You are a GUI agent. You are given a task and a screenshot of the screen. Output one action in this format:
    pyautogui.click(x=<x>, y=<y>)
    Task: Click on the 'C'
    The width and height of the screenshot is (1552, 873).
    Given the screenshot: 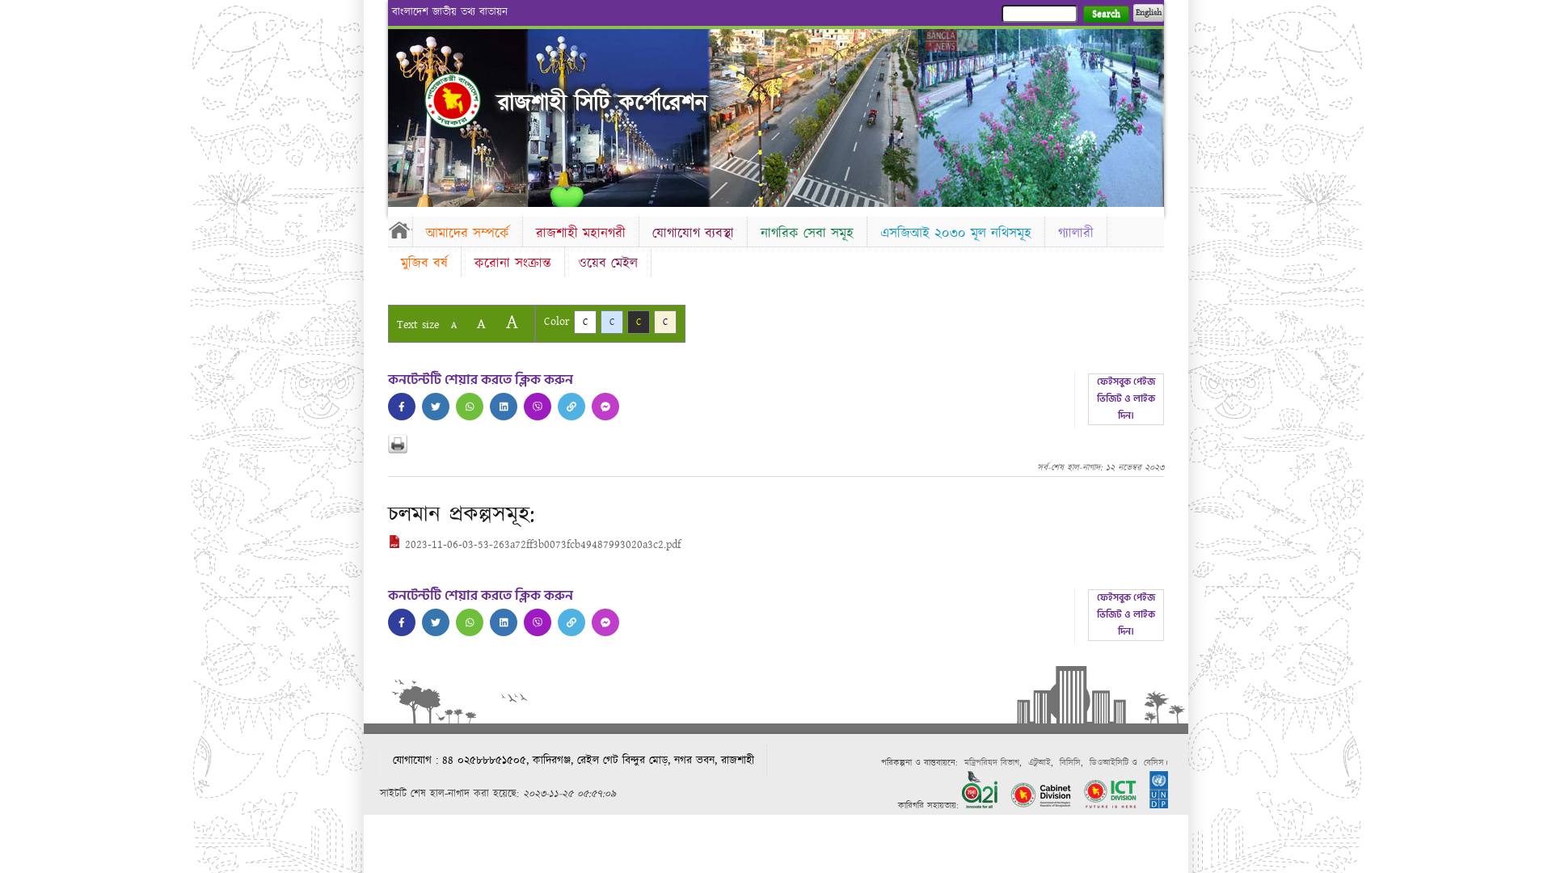 What is the action you would take?
    pyautogui.click(x=638, y=322)
    